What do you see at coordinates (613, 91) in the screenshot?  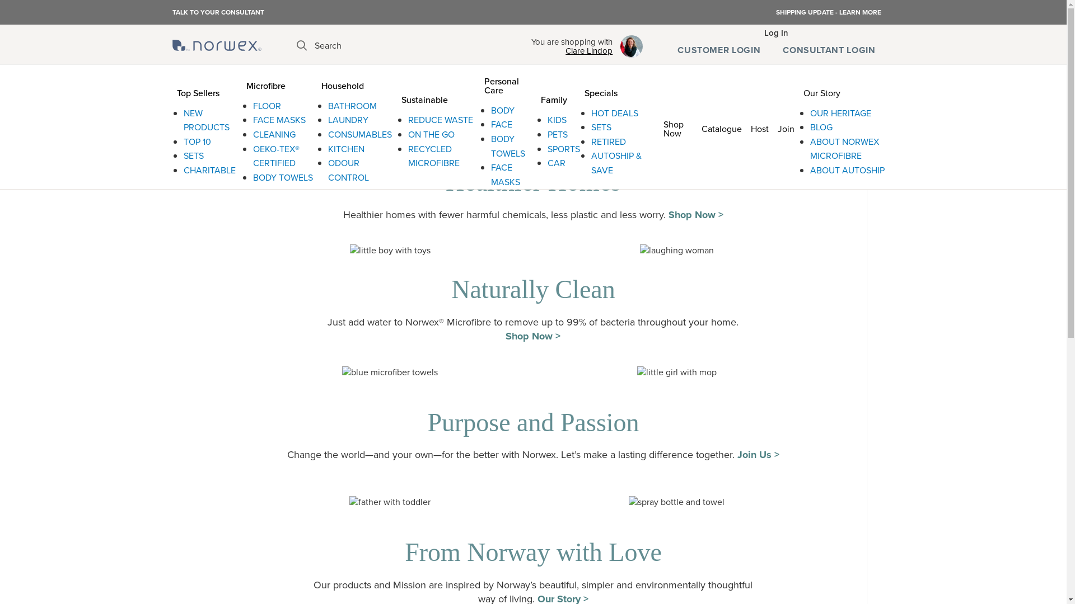 I see `'Specials'` at bounding box center [613, 91].